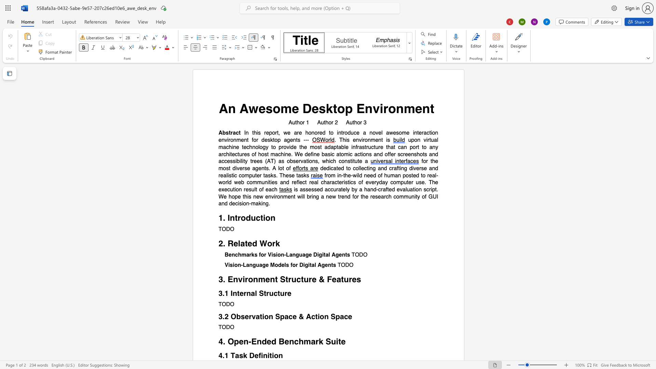 The height and width of the screenshot is (369, 656). Describe the element at coordinates (311, 265) in the screenshot. I see `the subset text "al Agent" within the text "Vision-Language Models for Digital Agents"` at that location.